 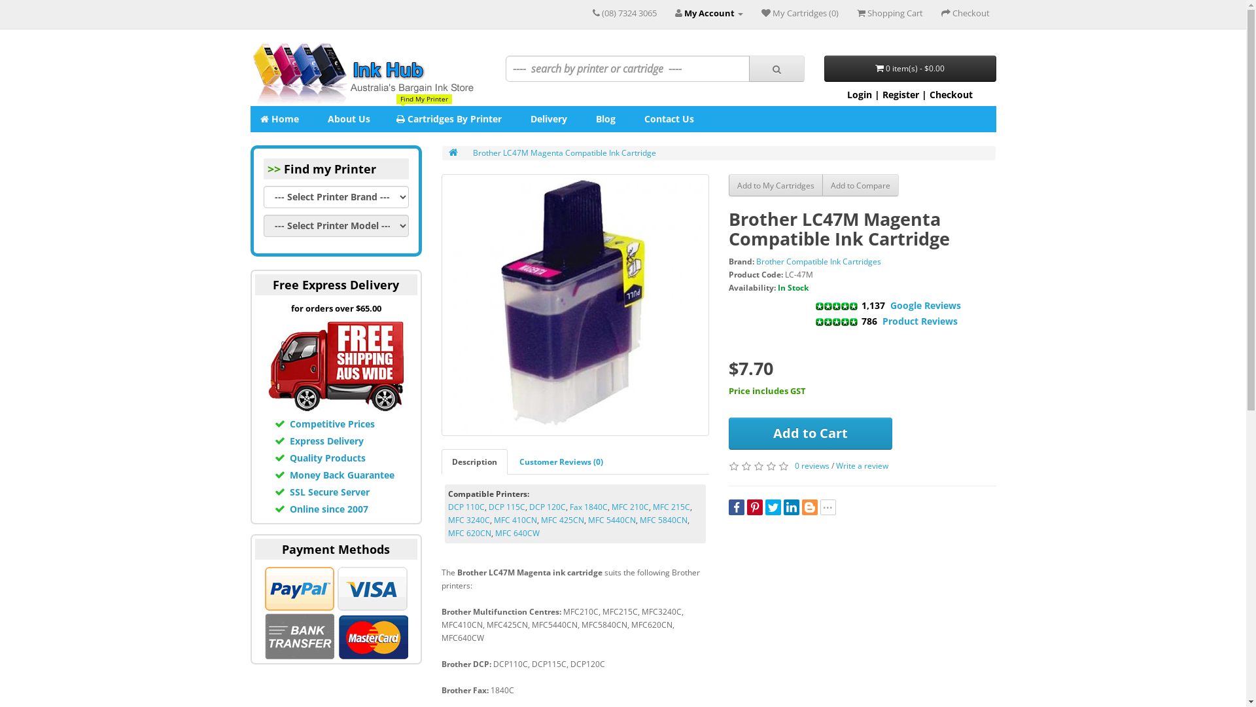 I want to click on 'Add to Cart', so click(x=809, y=433).